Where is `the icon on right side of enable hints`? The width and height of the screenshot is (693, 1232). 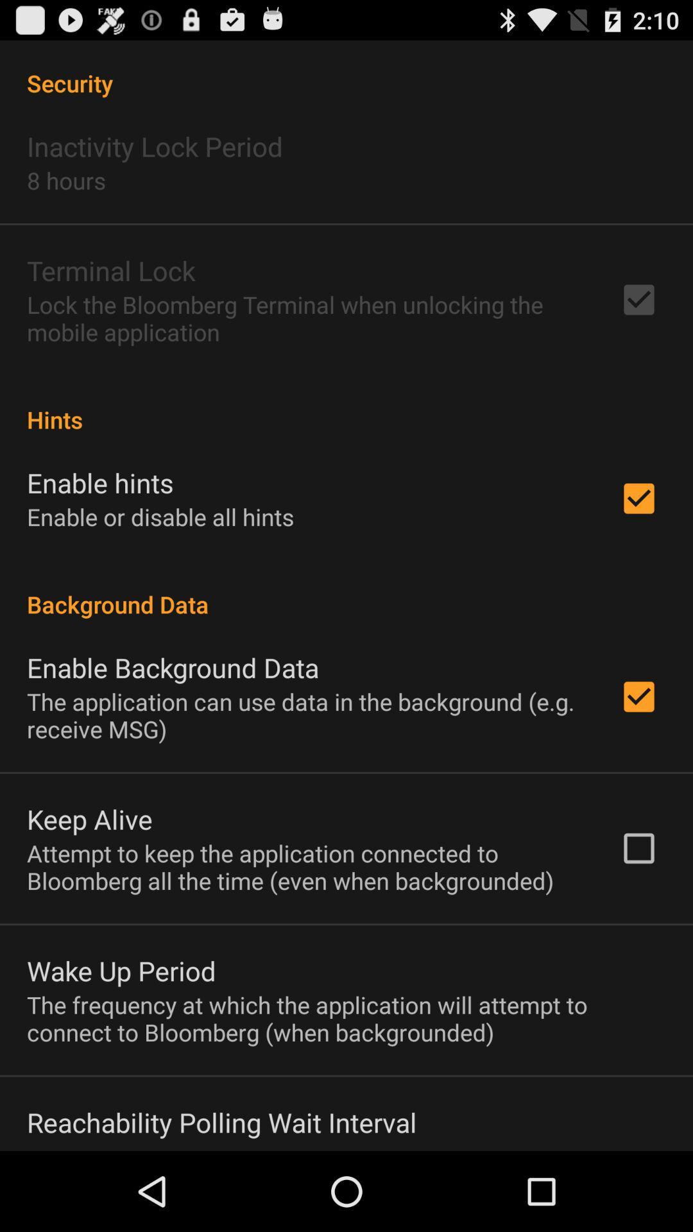
the icon on right side of enable hints is located at coordinates (638, 498).